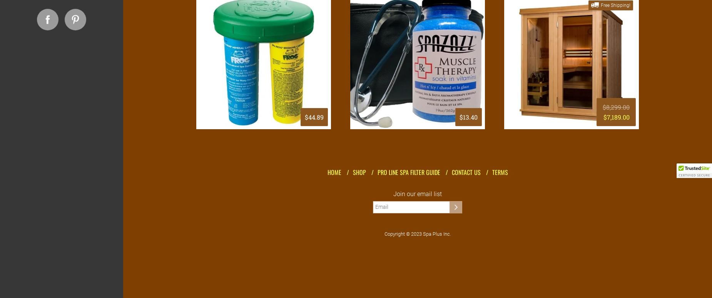 This screenshot has height=298, width=712. Describe the element at coordinates (615, 5) in the screenshot. I see `'Free Shipping!'` at that location.